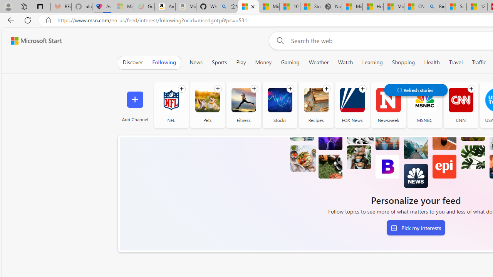 This screenshot has width=493, height=277. I want to click on 'Web search', so click(278, 40).